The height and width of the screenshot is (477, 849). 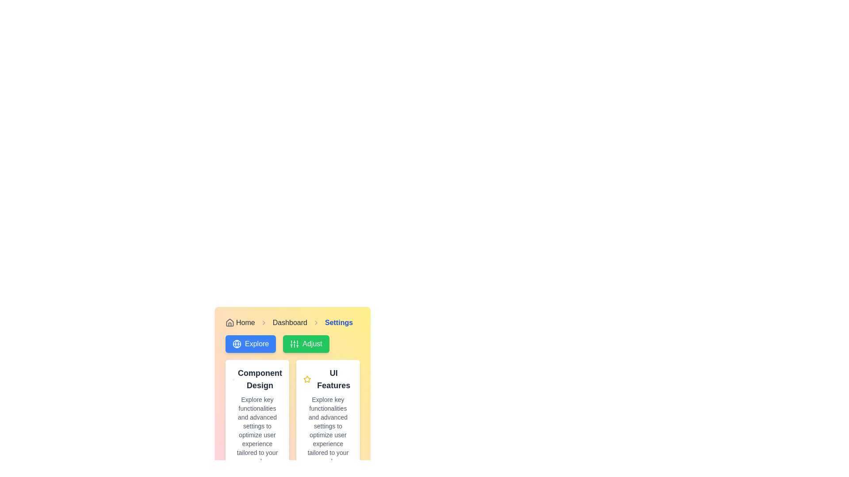 I want to click on the informational text styled in muted gray color, located below the 'UI Features' header and above the 'Learn More' button, so click(x=328, y=430).